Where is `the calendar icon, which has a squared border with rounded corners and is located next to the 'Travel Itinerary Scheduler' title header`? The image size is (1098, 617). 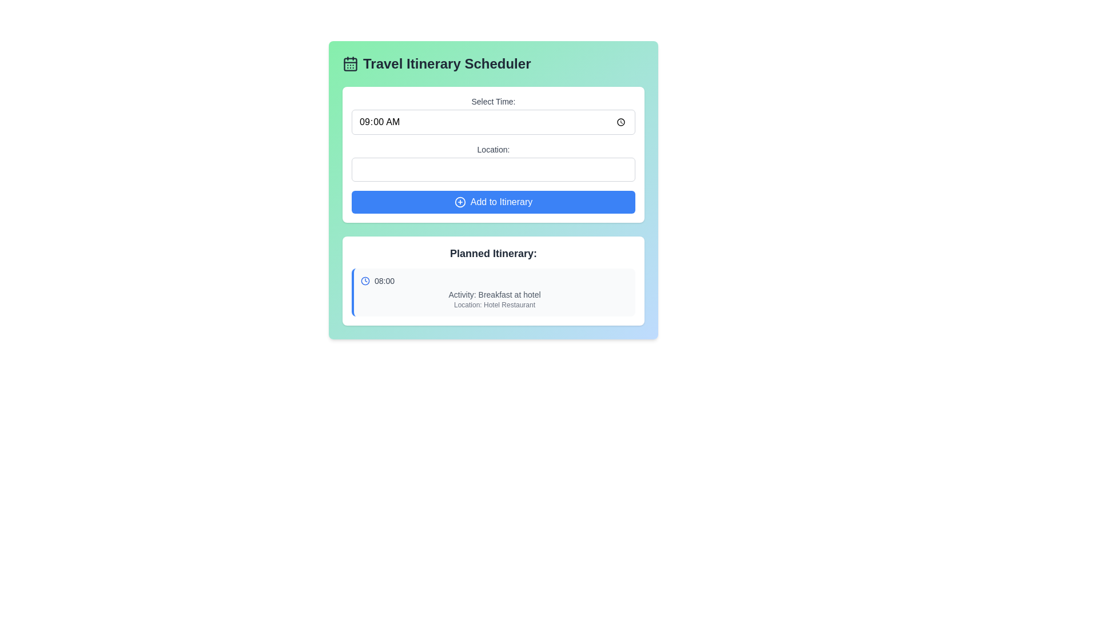
the calendar icon, which has a squared border with rounded corners and is located next to the 'Travel Itinerary Scheduler' title header is located at coordinates (350, 63).